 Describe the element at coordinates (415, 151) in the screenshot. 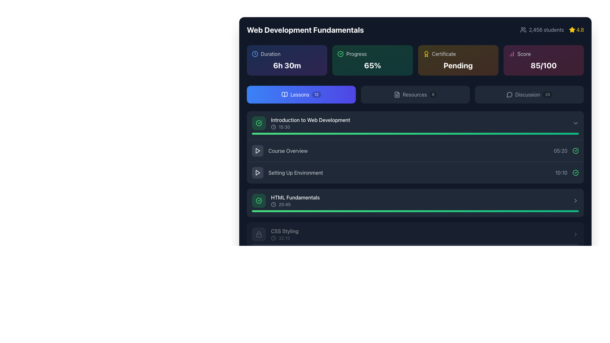

I see `title 'Course Overview' and the duration '05:20' of the list item located below 'Introduction to Web Development' in the 'Web Development Fundamentals' section` at that location.